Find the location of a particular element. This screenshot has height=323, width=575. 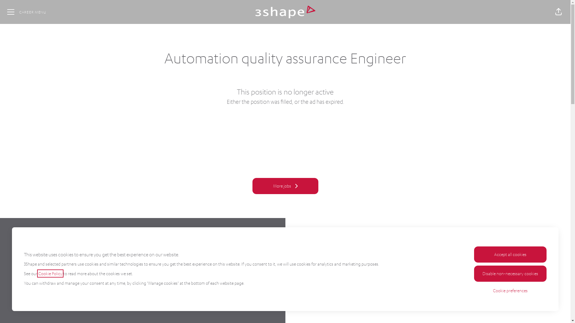

'Cookie Policy' is located at coordinates (50, 273).